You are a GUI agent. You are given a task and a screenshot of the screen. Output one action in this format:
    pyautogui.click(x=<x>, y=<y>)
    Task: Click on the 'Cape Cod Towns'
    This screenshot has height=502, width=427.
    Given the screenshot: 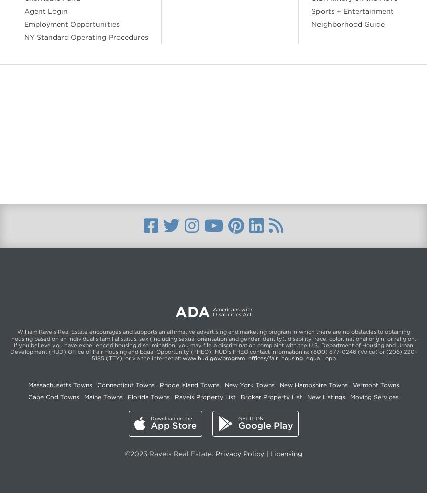 What is the action you would take?
    pyautogui.click(x=28, y=396)
    